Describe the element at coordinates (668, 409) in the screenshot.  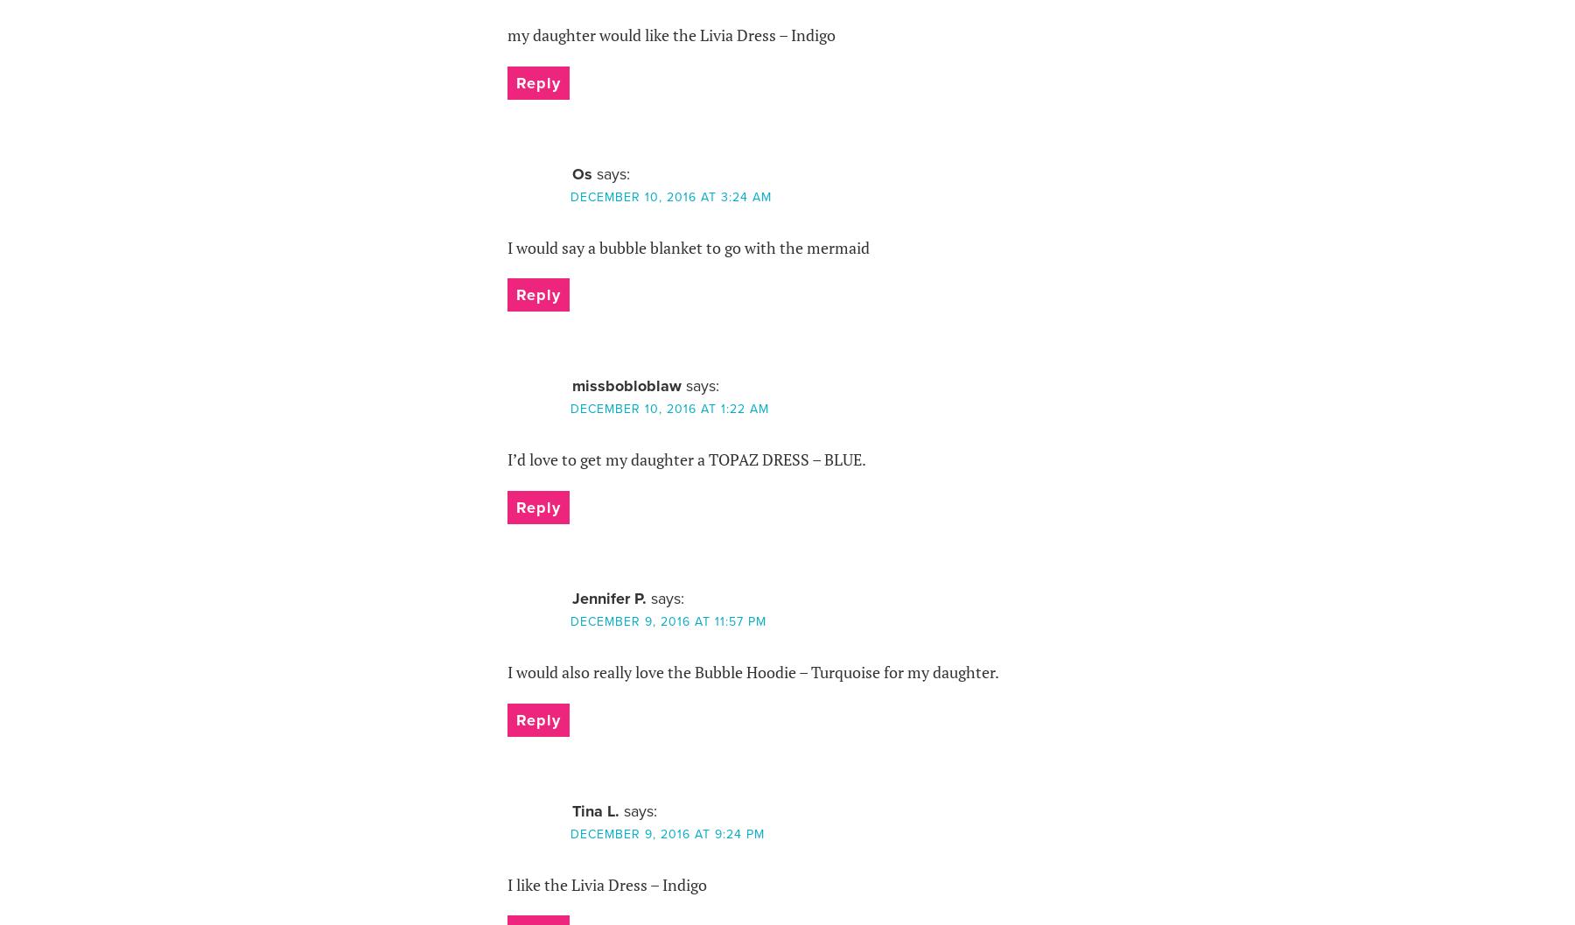
I see `'December 10, 2016 at 1:22 am'` at that location.